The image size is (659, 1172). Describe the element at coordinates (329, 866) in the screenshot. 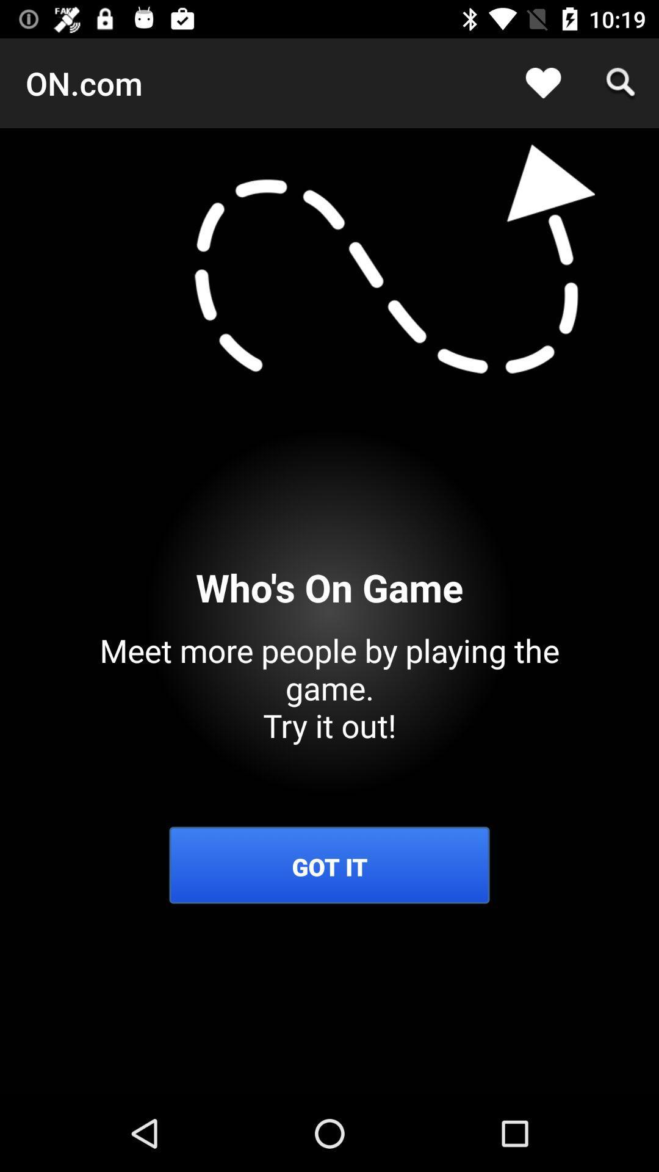

I see `item below meet more people item` at that location.